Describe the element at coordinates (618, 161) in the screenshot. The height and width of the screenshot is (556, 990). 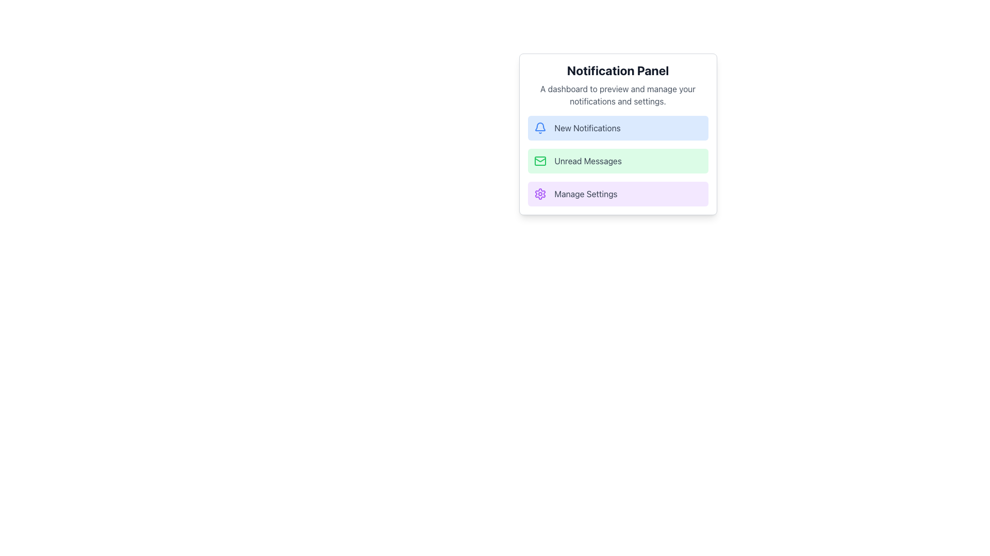
I see `the 'Unread Messages' button, which is a light green button with rounded corners and an envelope icon` at that location.